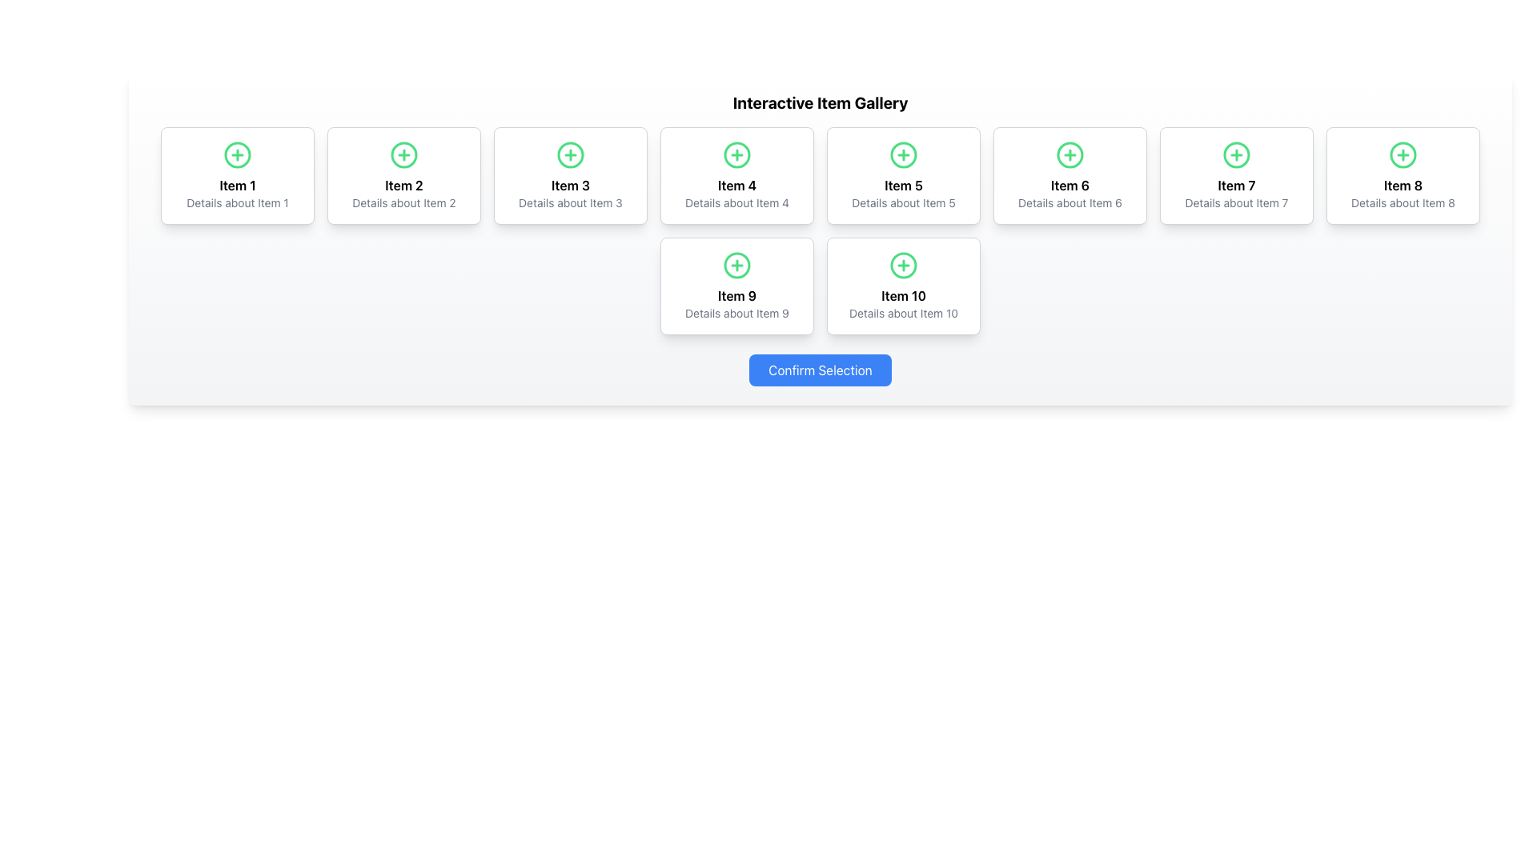 The height and width of the screenshot is (864, 1537). What do you see at coordinates (1402, 154) in the screenshot?
I see `the circular graphical element within the 'Item 8' card that signifies the option to add or select it for further interaction` at bounding box center [1402, 154].